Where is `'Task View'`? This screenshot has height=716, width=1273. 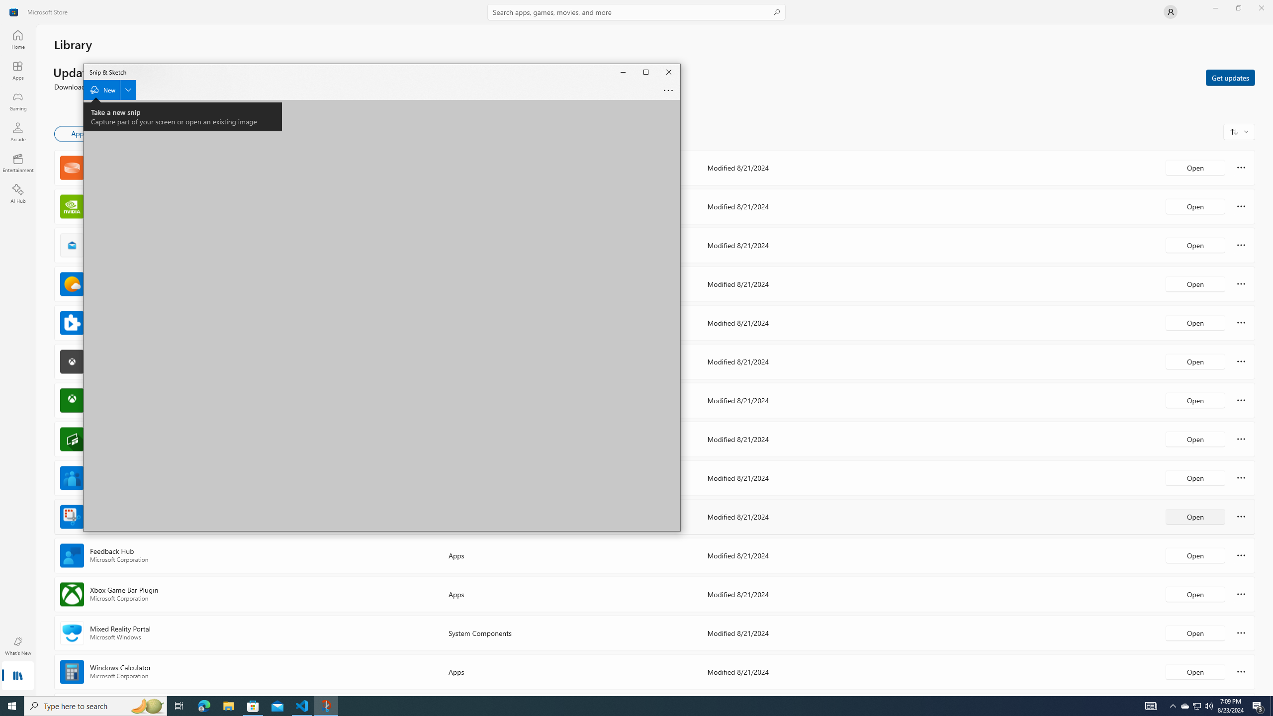
'Task View' is located at coordinates (178, 705).